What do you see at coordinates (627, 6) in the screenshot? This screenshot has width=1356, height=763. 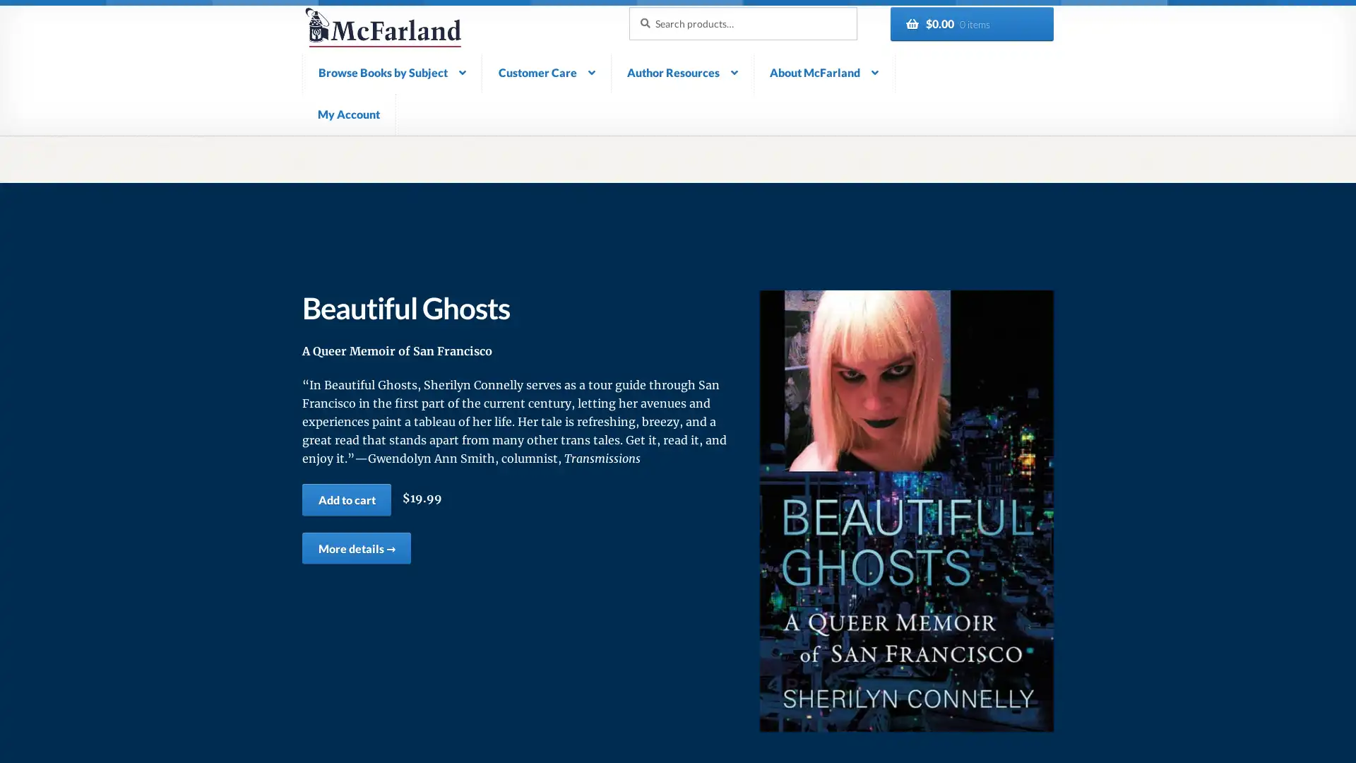 I see `Search` at bounding box center [627, 6].